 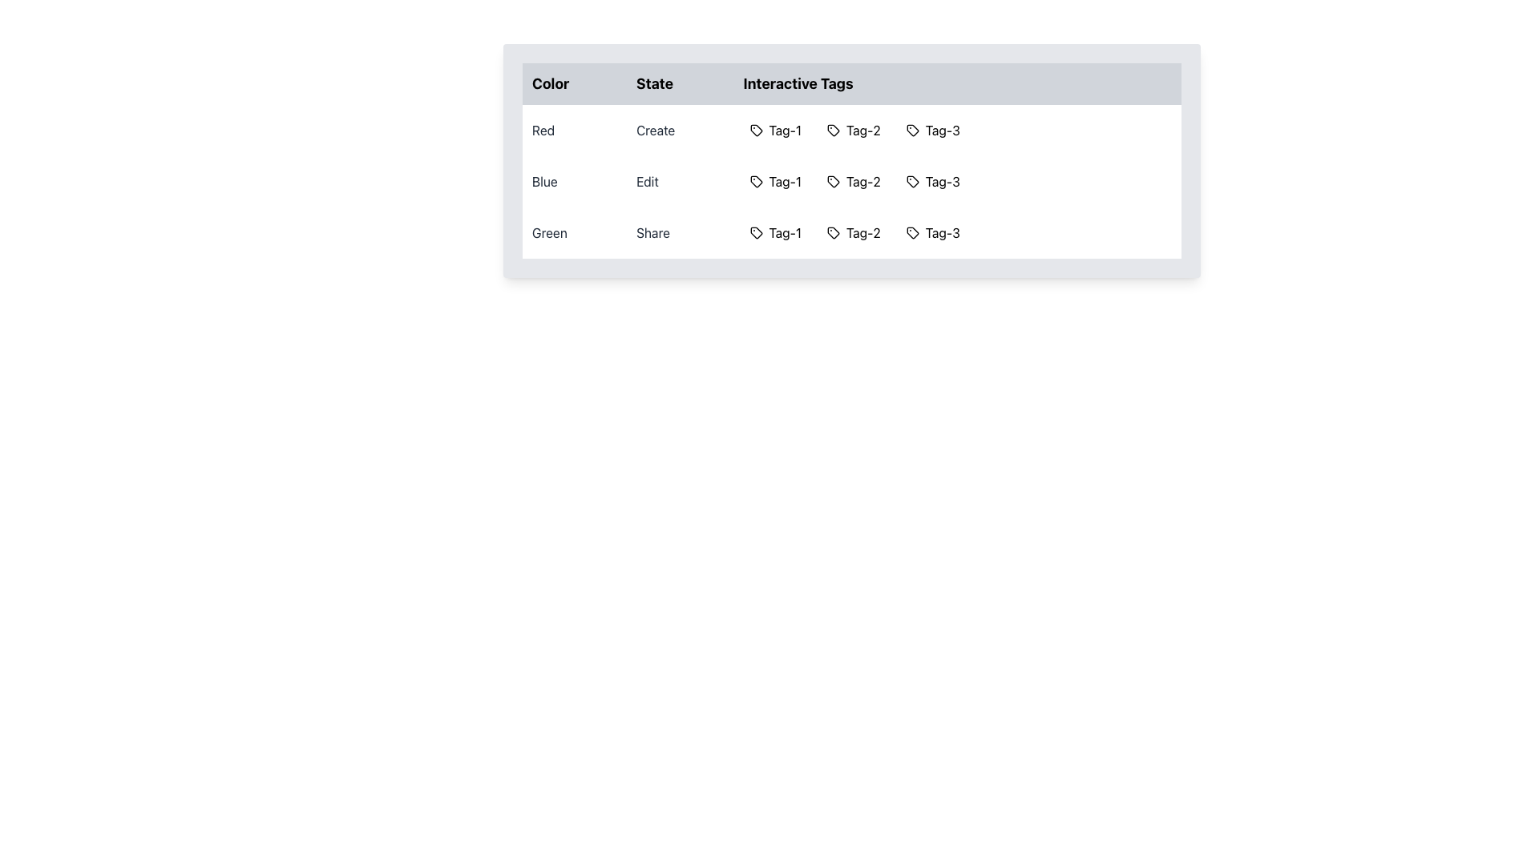 What do you see at coordinates (862, 181) in the screenshot?
I see `the Text Label in the fourth column, second row, which represents the 'Blue' state and is the second tag among the interactive tags` at bounding box center [862, 181].